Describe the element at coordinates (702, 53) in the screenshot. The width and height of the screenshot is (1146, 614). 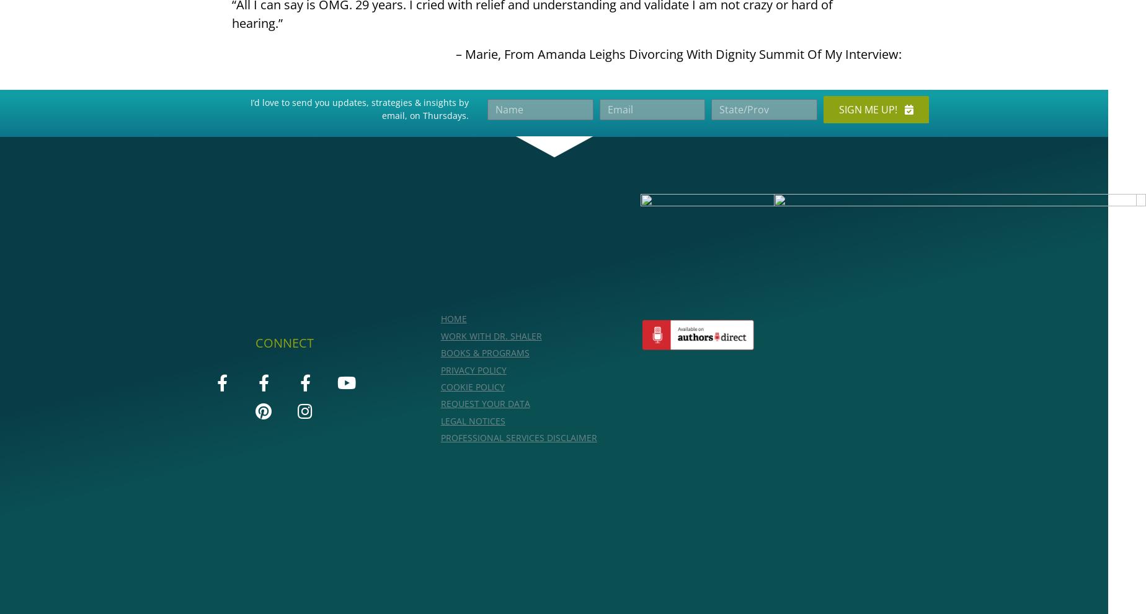
I see `'From Amanda Leighs Divorcing With Dignity Summit Of My Interview:'` at that location.